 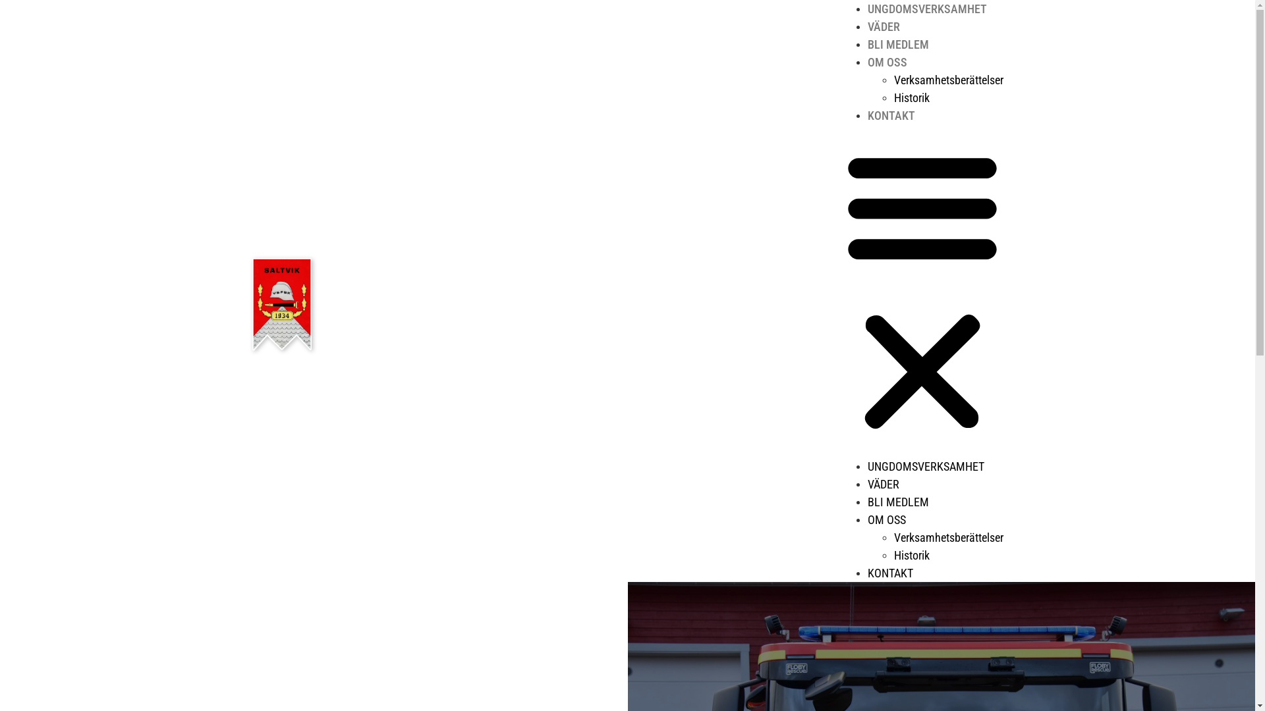 What do you see at coordinates (866, 519) in the screenshot?
I see `'OM OSS'` at bounding box center [866, 519].